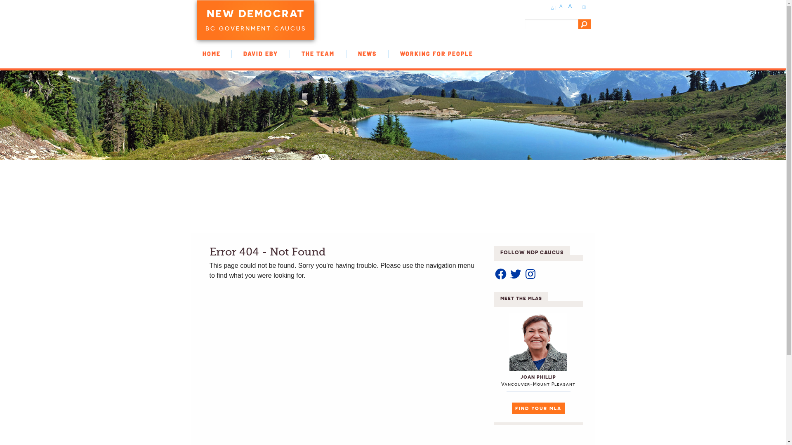 The image size is (792, 445). I want to click on 'NEW DEMOCRAT', so click(255, 14).